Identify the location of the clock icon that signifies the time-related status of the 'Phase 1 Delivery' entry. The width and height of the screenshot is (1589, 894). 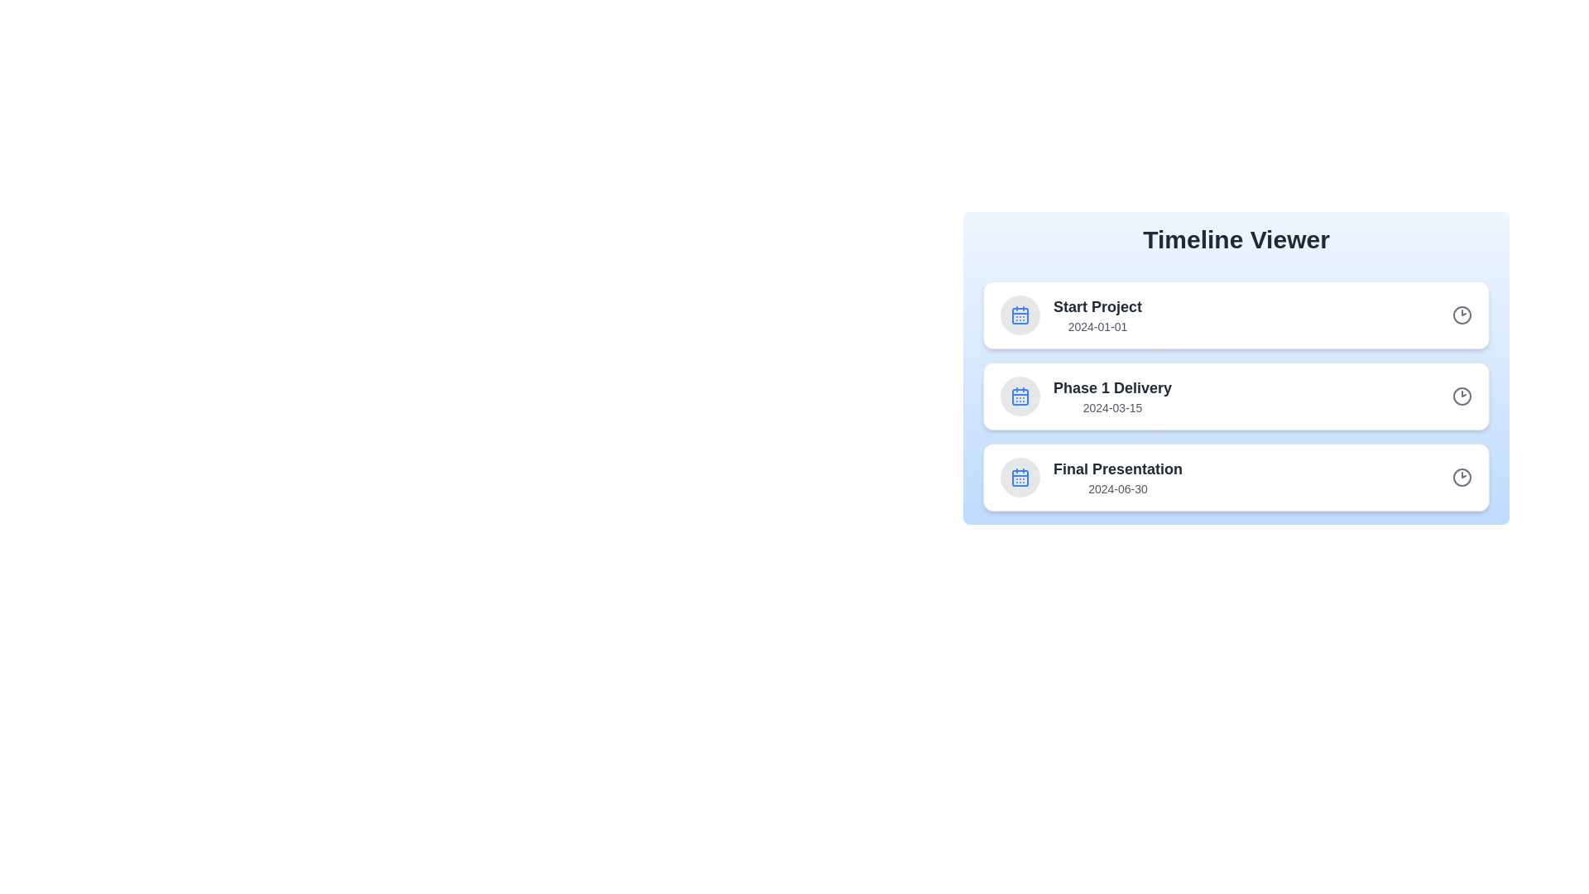
(1462, 396).